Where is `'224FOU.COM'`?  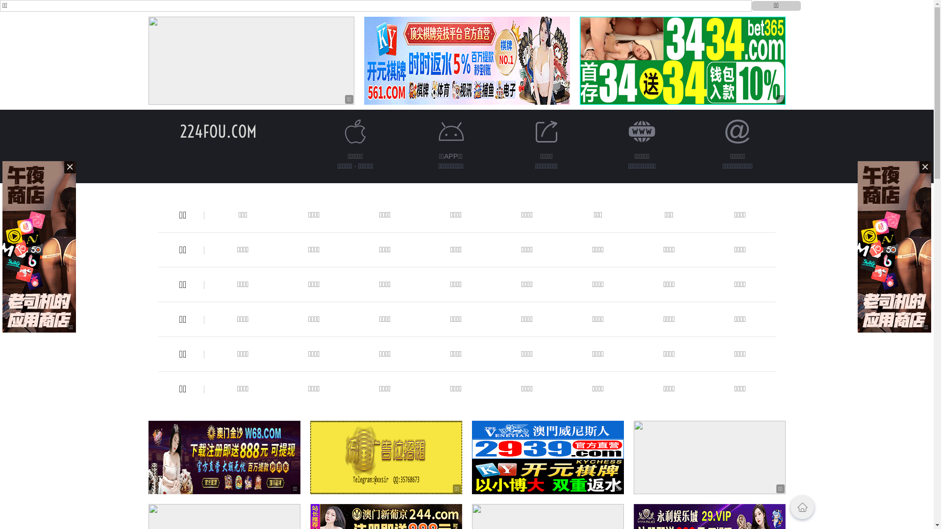
'224FOU.COM' is located at coordinates (218, 131).